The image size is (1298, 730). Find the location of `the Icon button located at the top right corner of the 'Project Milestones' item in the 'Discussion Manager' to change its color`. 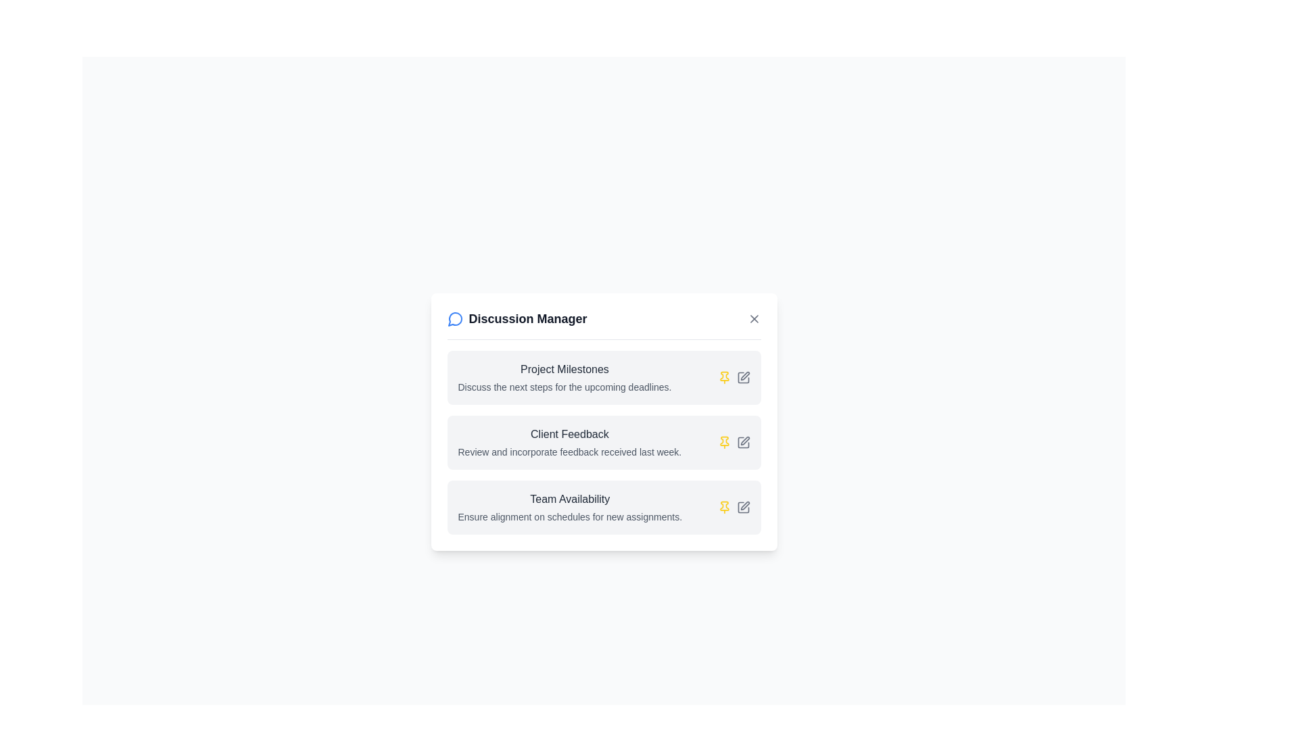

the Icon button located at the top right corner of the 'Project Milestones' item in the 'Discussion Manager' to change its color is located at coordinates (742, 377).